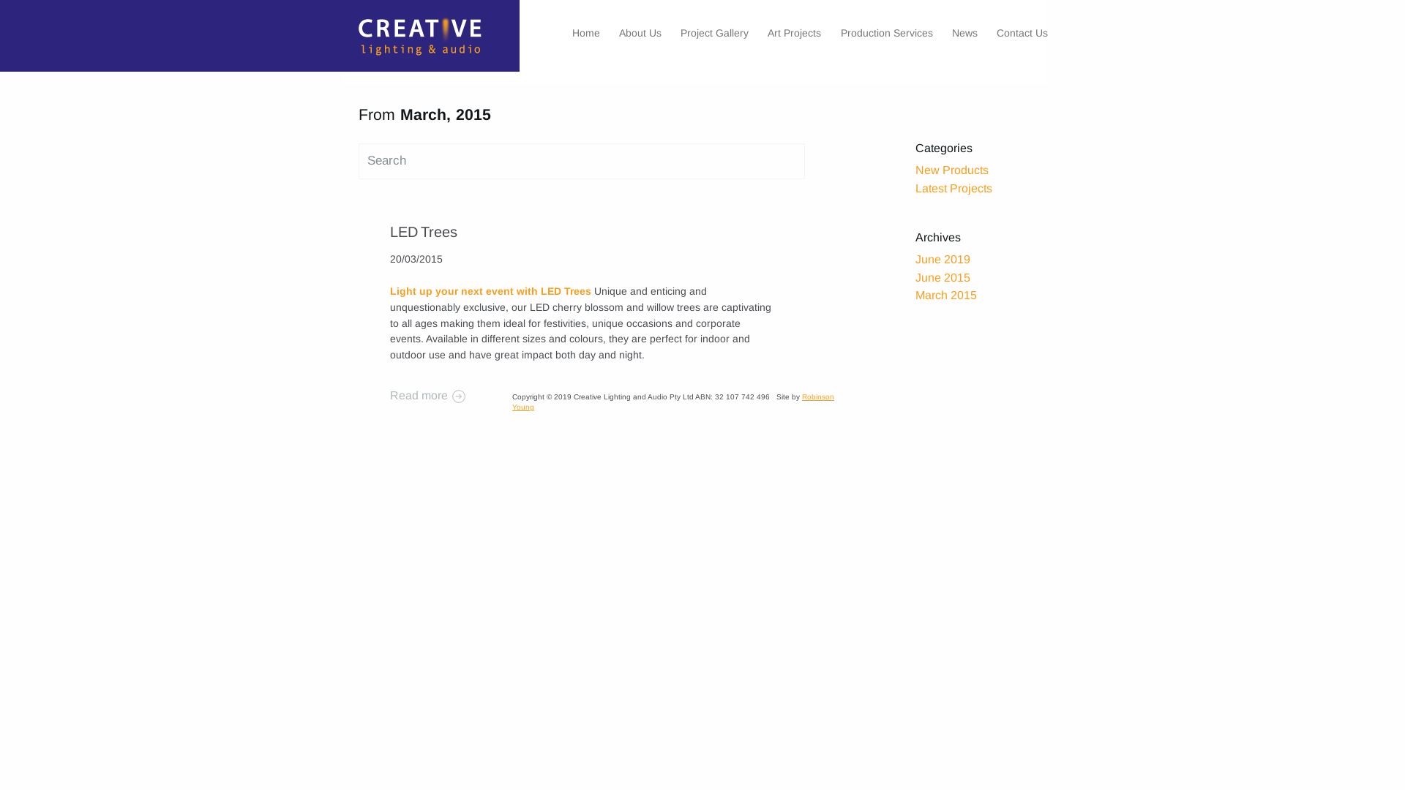  What do you see at coordinates (943, 258) in the screenshot?
I see `'June 2019'` at bounding box center [943, 258].